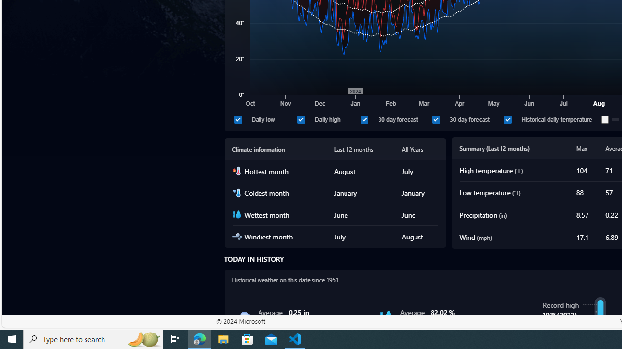 The width and height of the screenshot is (622, 349). Describe the element at coordinates (551, 119) in the screenshot. I see `'Historical daily temperature'` at that location.